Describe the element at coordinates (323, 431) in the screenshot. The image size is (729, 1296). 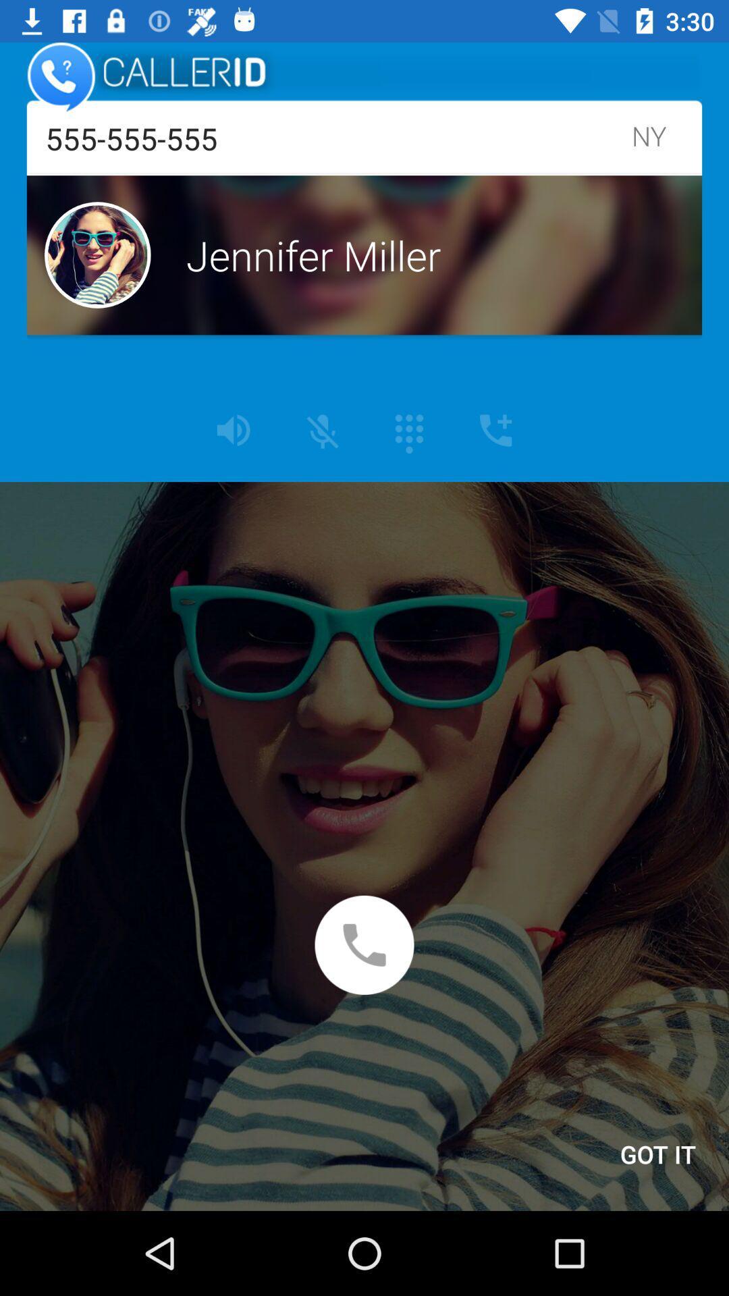
I see `the microphone icon` at that location.